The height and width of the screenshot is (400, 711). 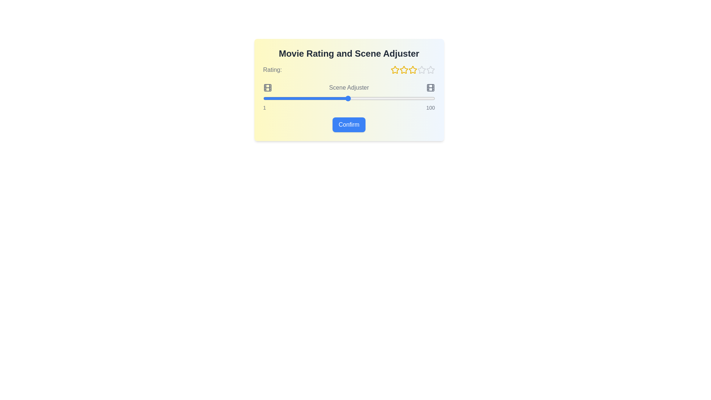 I want to click on the scene slider to 95, so click(x=426, y=98).